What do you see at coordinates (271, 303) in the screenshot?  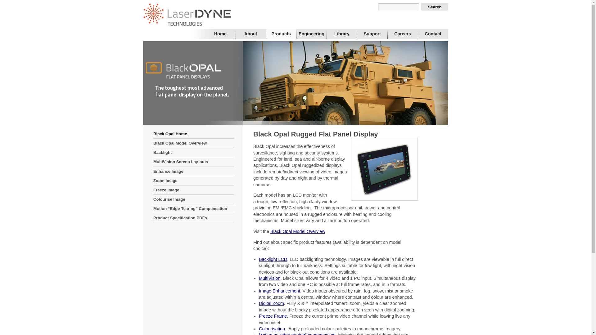 I see `'Digital Zoom'` at bounding box center [271, 303].